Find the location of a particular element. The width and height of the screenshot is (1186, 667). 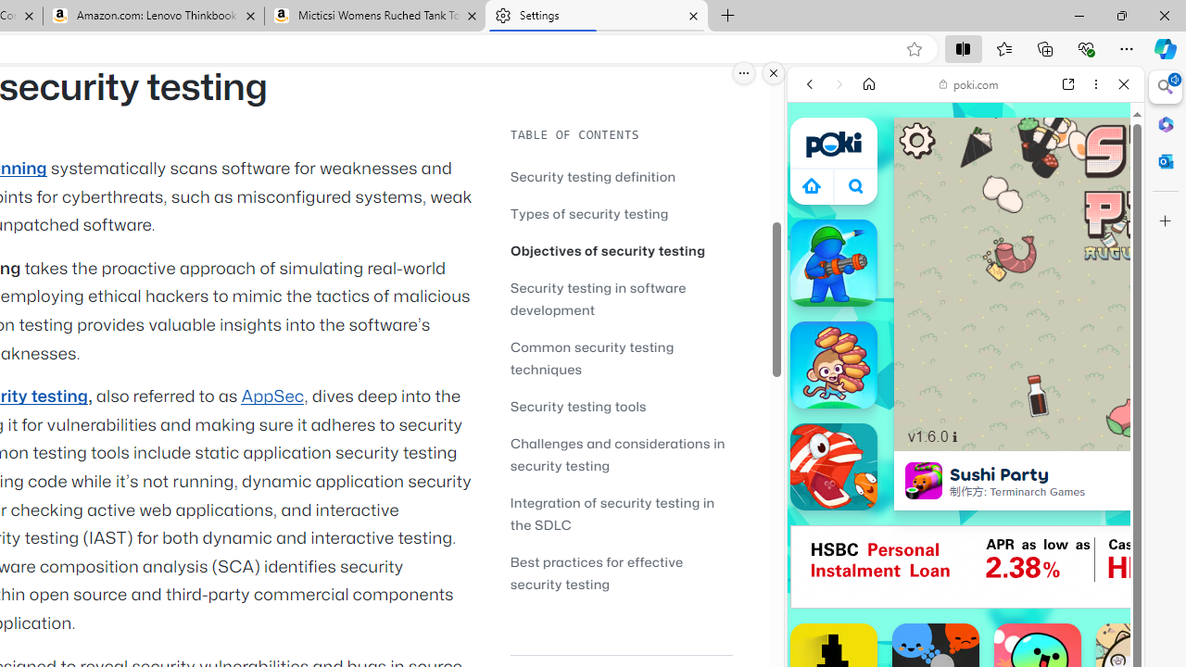

'Common security testing techniques' is located at coordinates (591, 358).